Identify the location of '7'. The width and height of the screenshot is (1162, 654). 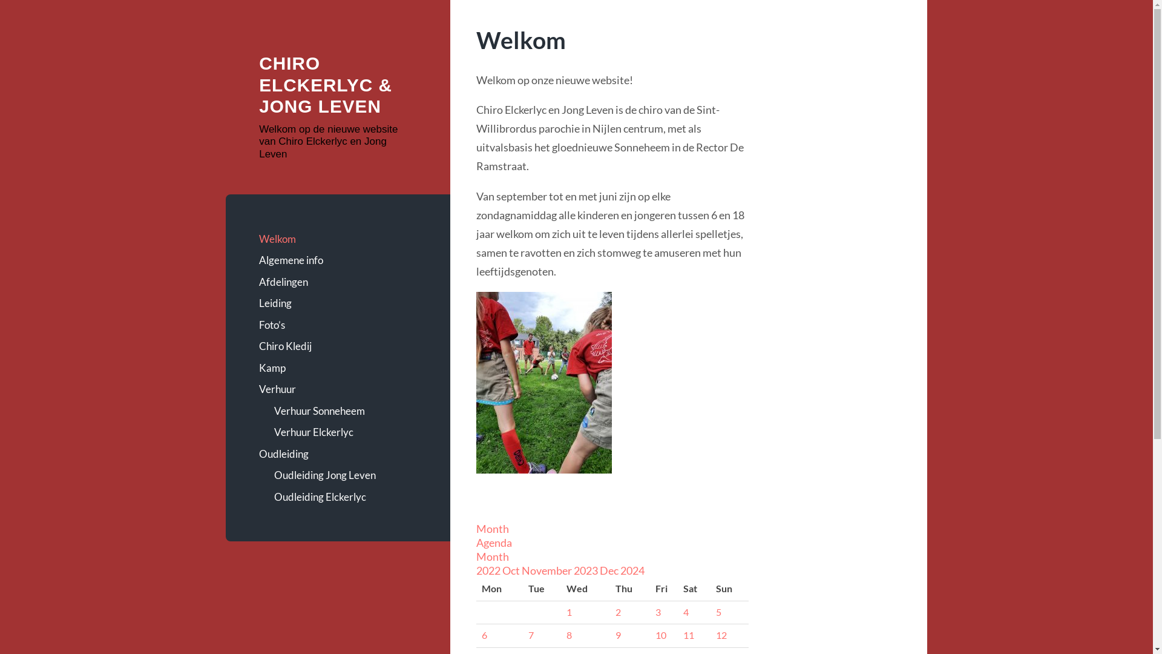
(531, 635).